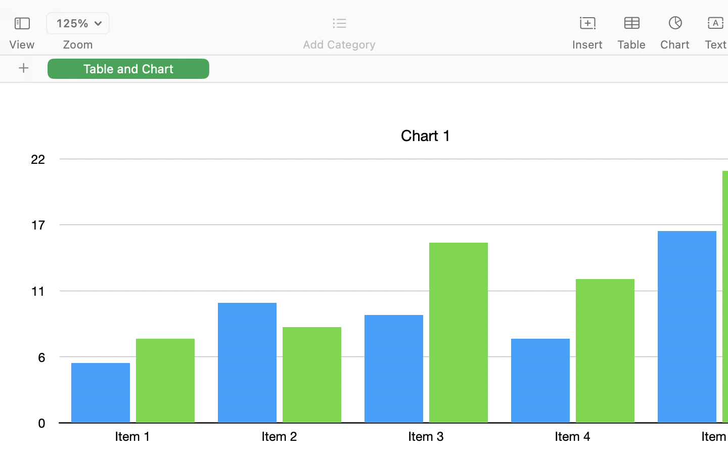 The height and width of the screenshot is (455, 728). What do you see at coordinates (77, 44) in the screenshot?
I see `'Zoom'` at bounding box center [77, 44].